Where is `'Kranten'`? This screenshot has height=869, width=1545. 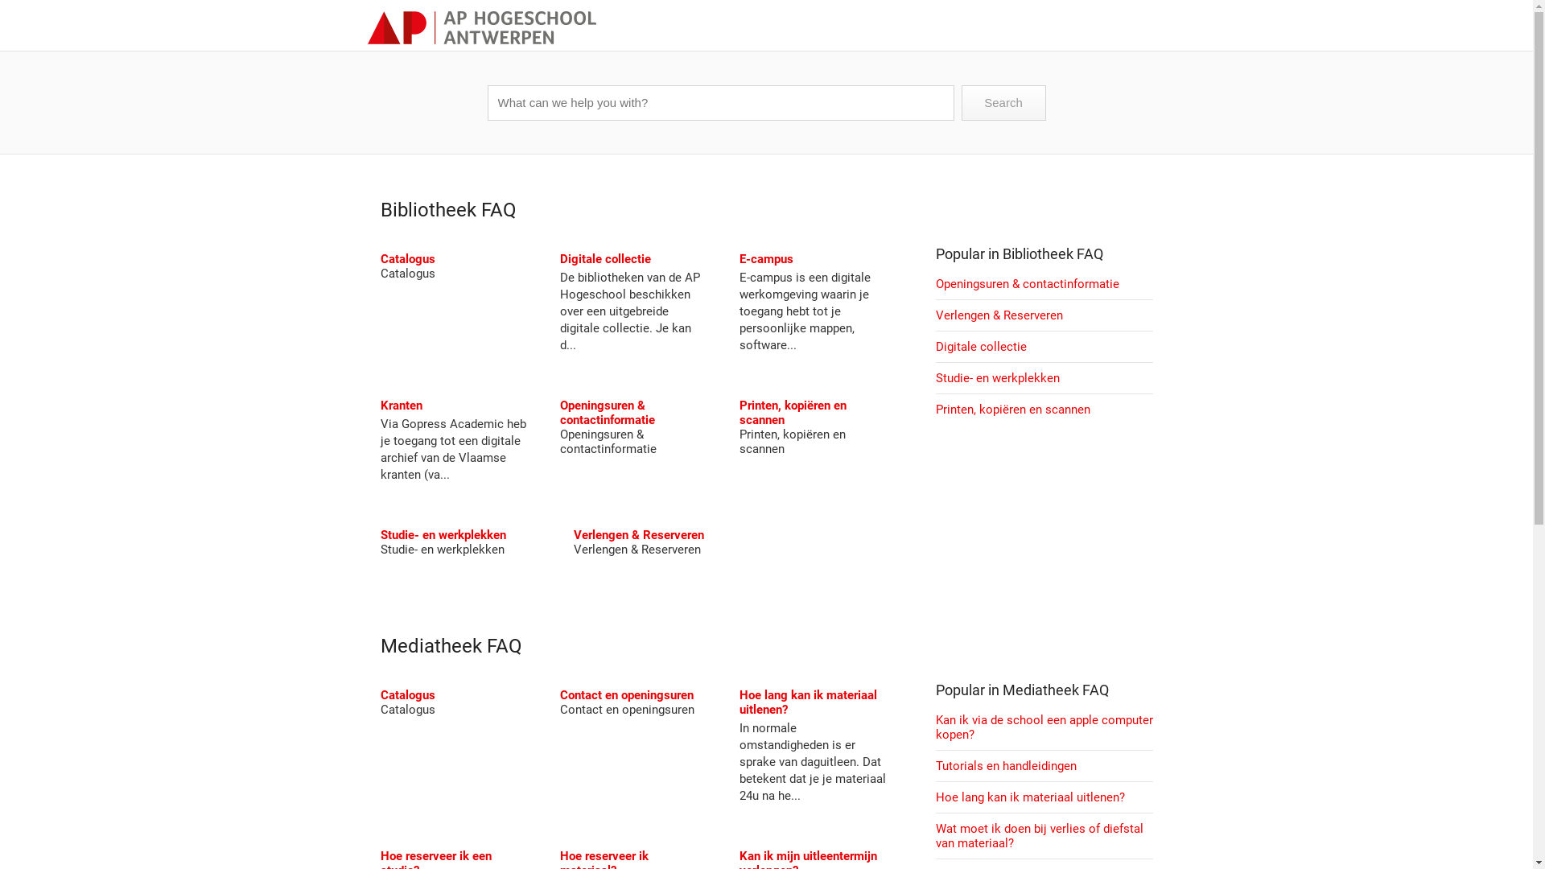
'Kranten' is located at coordinates (401, 405).